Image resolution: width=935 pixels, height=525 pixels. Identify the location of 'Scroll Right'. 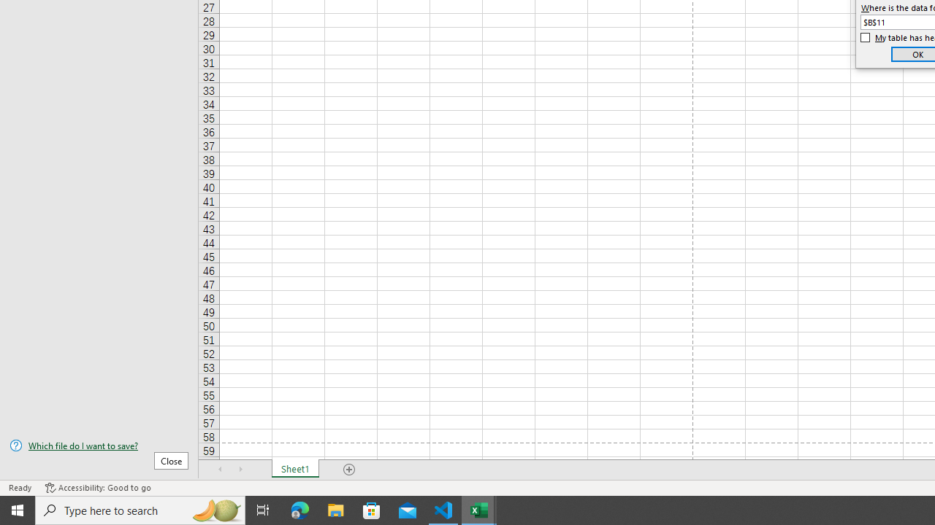
(241, 470).